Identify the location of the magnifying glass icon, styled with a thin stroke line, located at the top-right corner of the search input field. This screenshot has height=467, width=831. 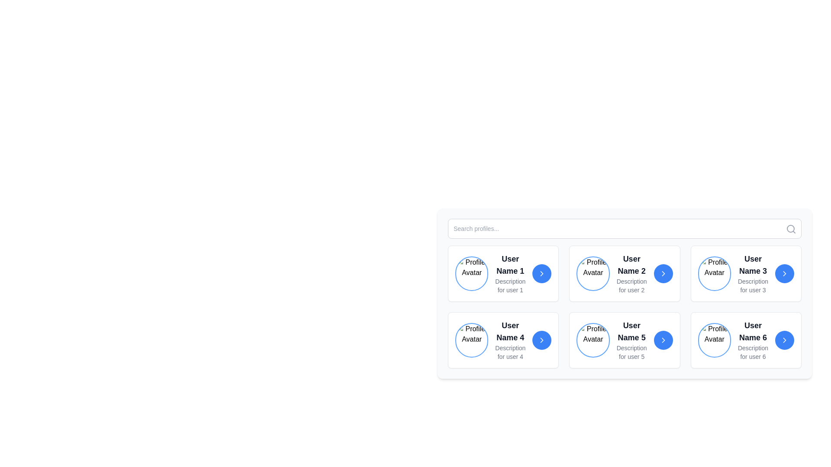
(791, 228).